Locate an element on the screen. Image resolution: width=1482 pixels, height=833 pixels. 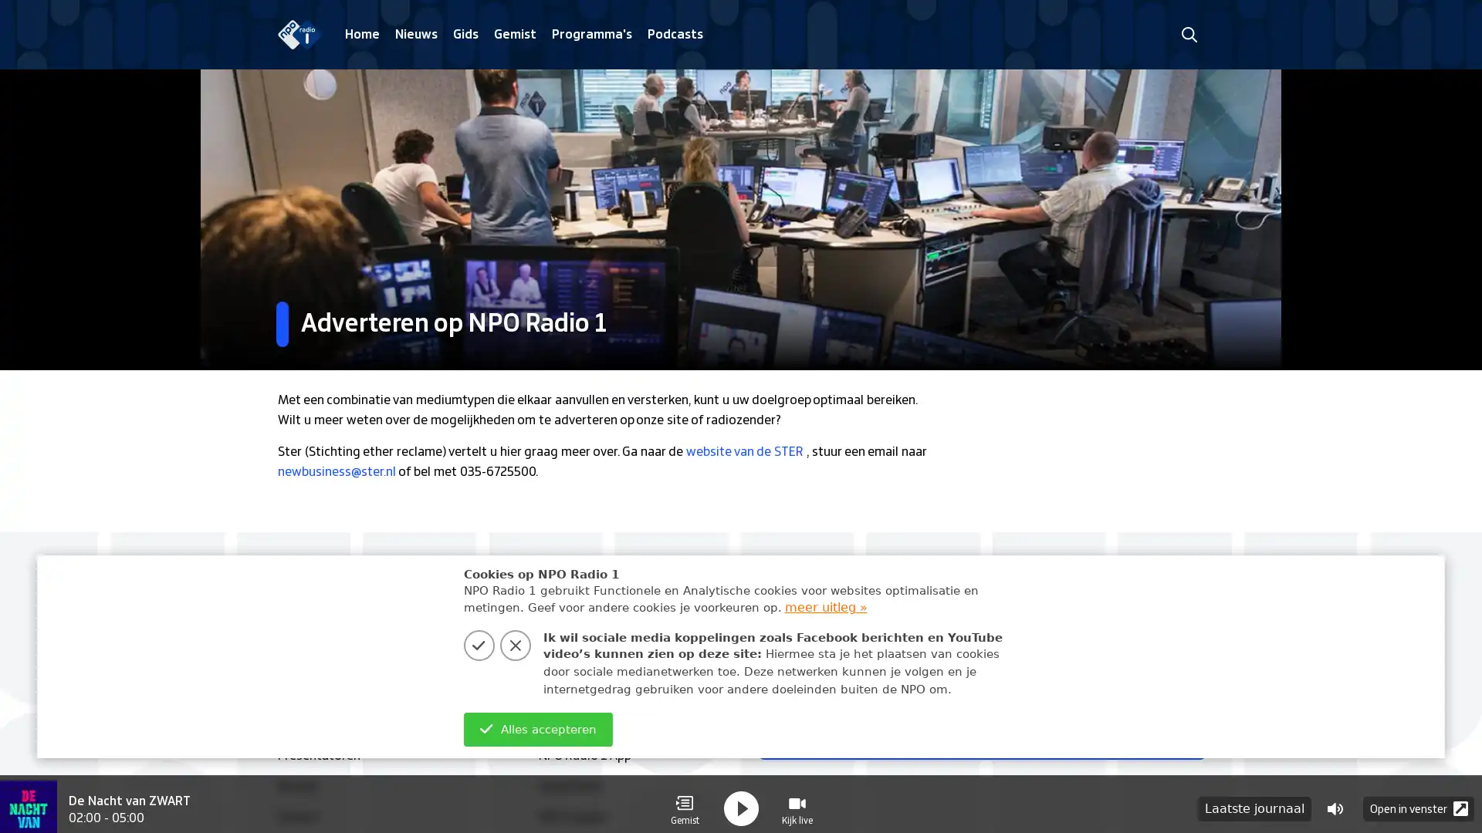
Laatste journaal is located at coordinates (1254, 799).